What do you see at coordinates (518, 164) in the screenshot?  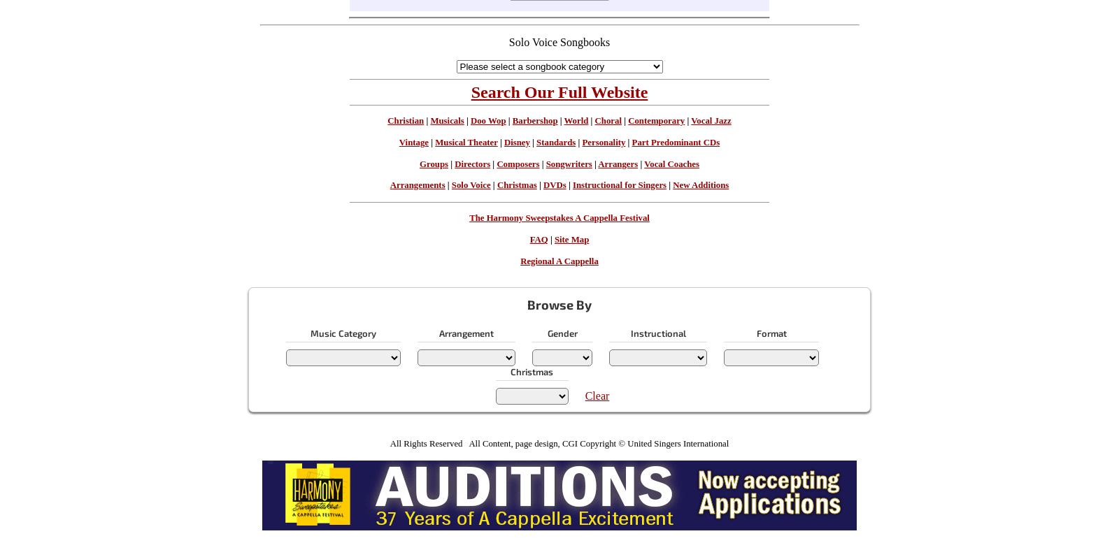 I see `'Composers'` at bounding box center [518, 164].